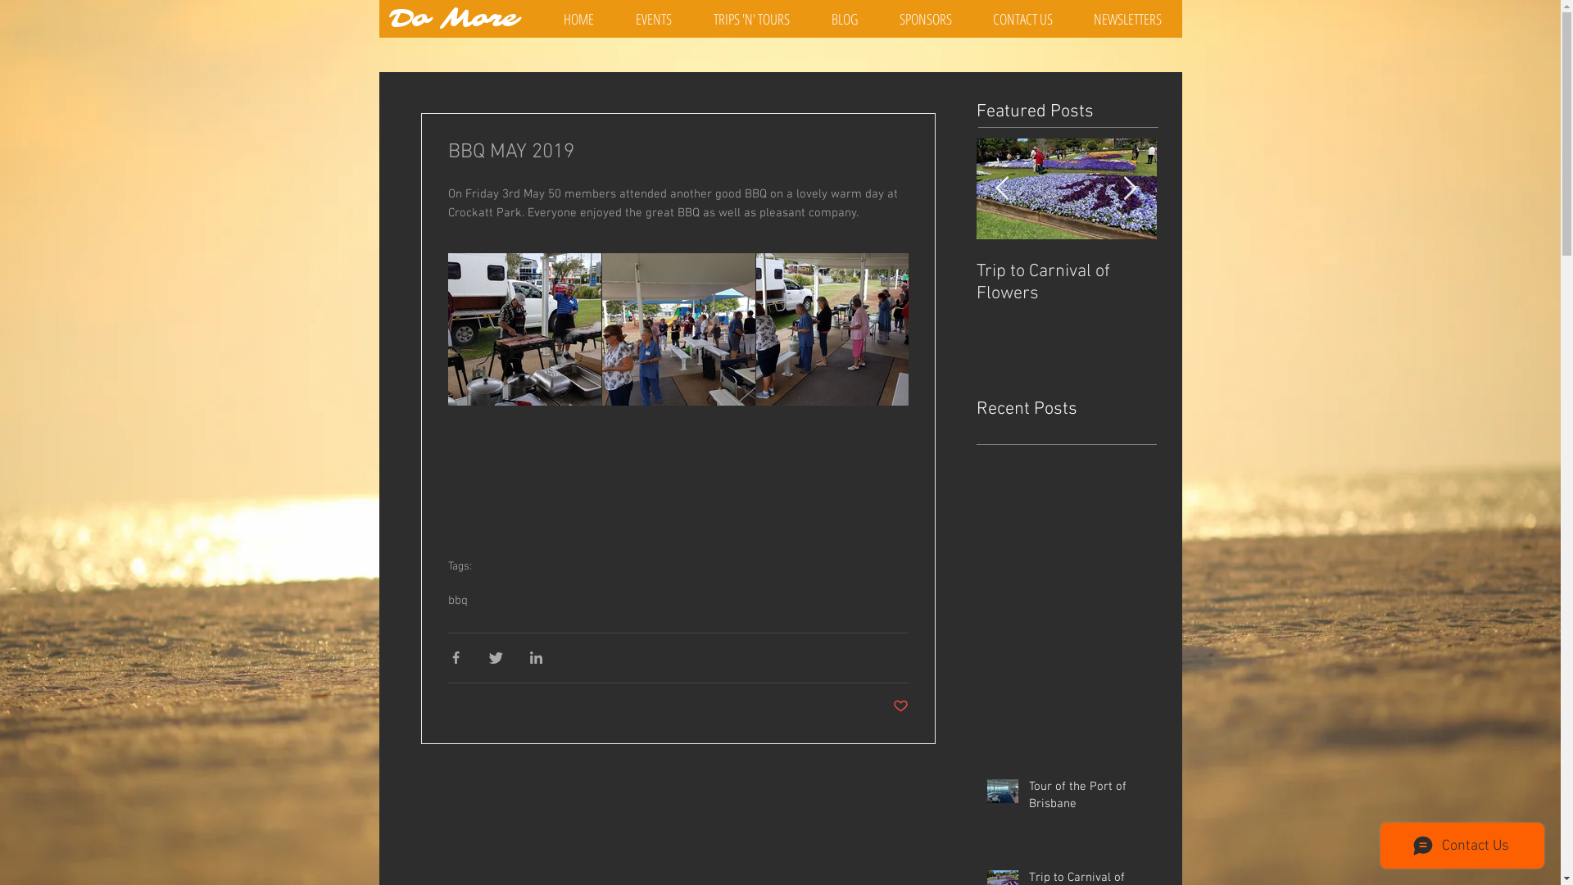 Image resolution: width=1573 pixels, height=885 pixels. What do you see at coordinates (453, 20) in the screenshot?
I see `'Do More'` at bounding box center [453, 20].